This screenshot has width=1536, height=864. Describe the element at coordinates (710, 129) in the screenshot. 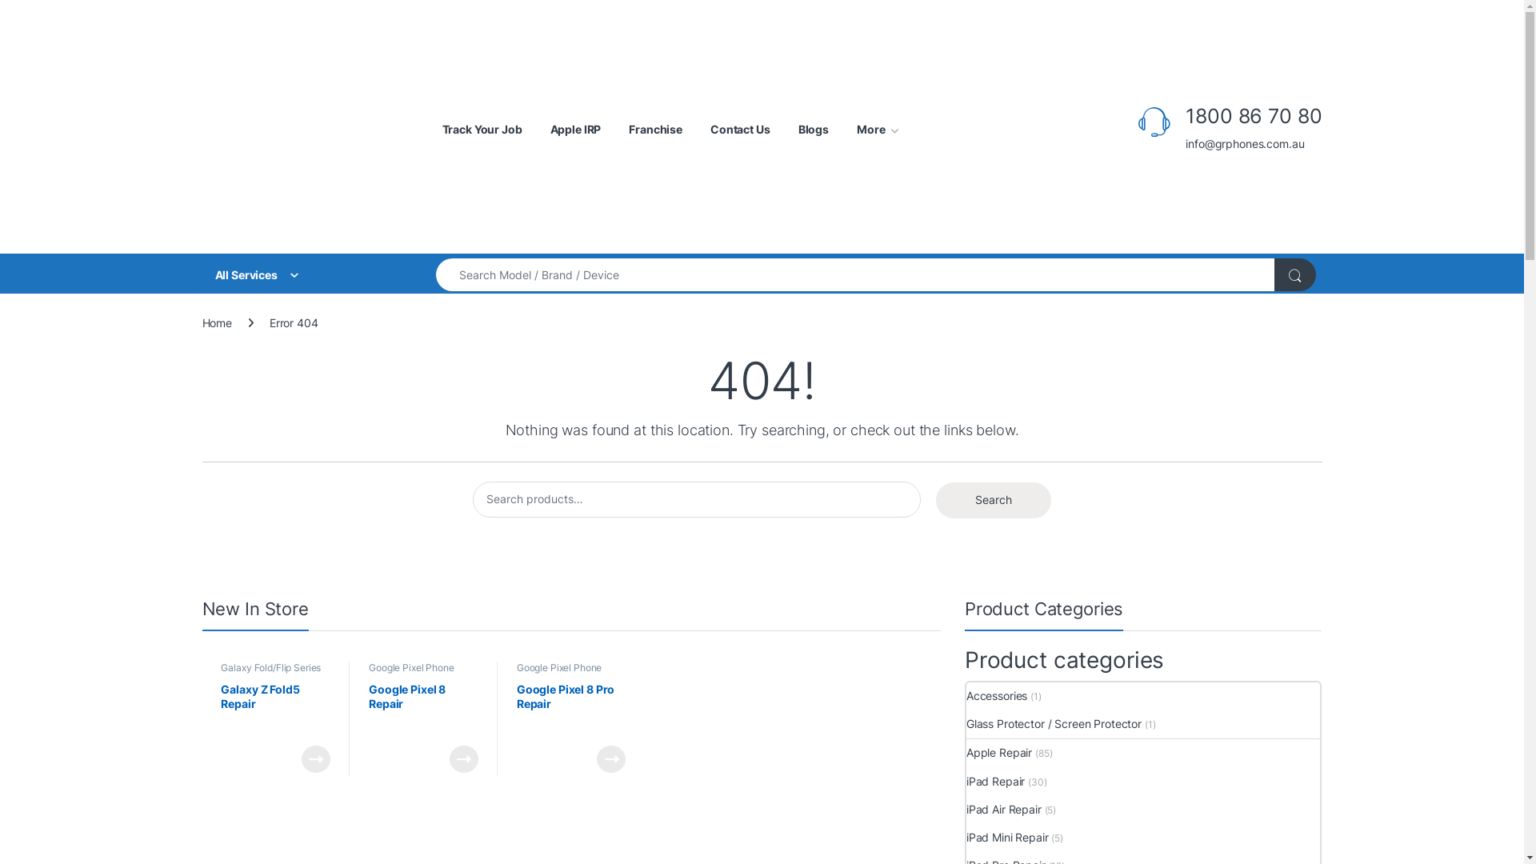

I see `'Contact Us'` at that location.